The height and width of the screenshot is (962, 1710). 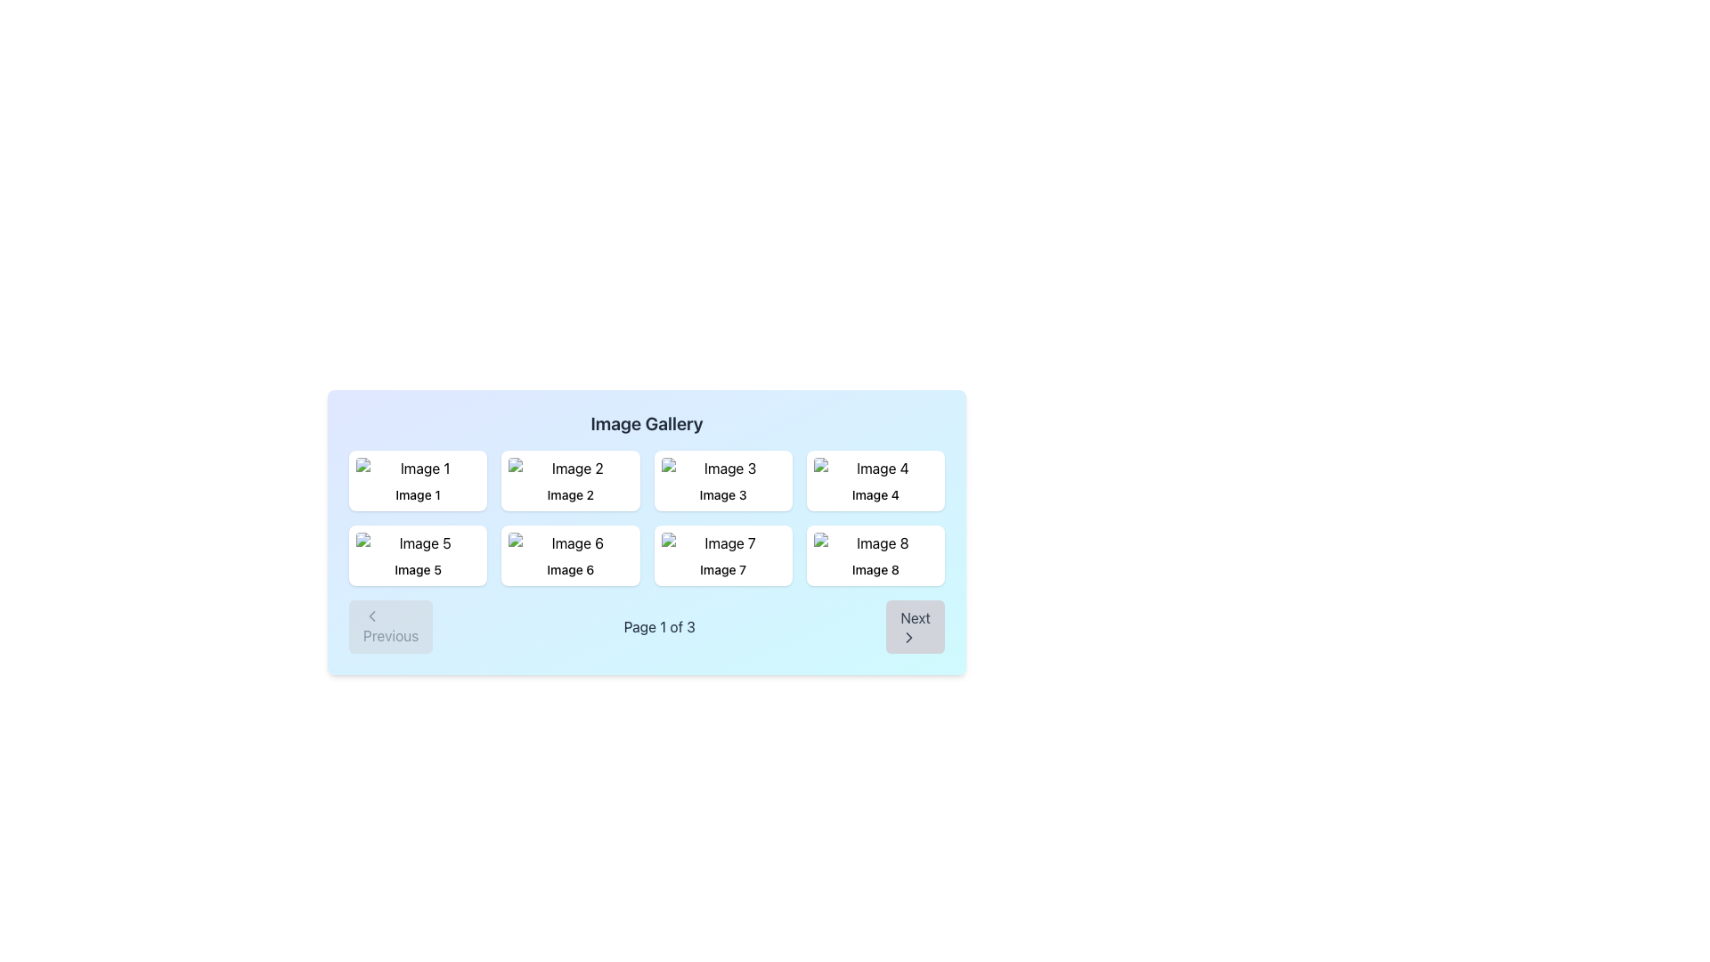 I want to click on the small, rectangular image placeholder with rounded edges and alt text 'Image 6', located in the second row and third column of a 2x4 grid layout, so click(x=570, y=542).